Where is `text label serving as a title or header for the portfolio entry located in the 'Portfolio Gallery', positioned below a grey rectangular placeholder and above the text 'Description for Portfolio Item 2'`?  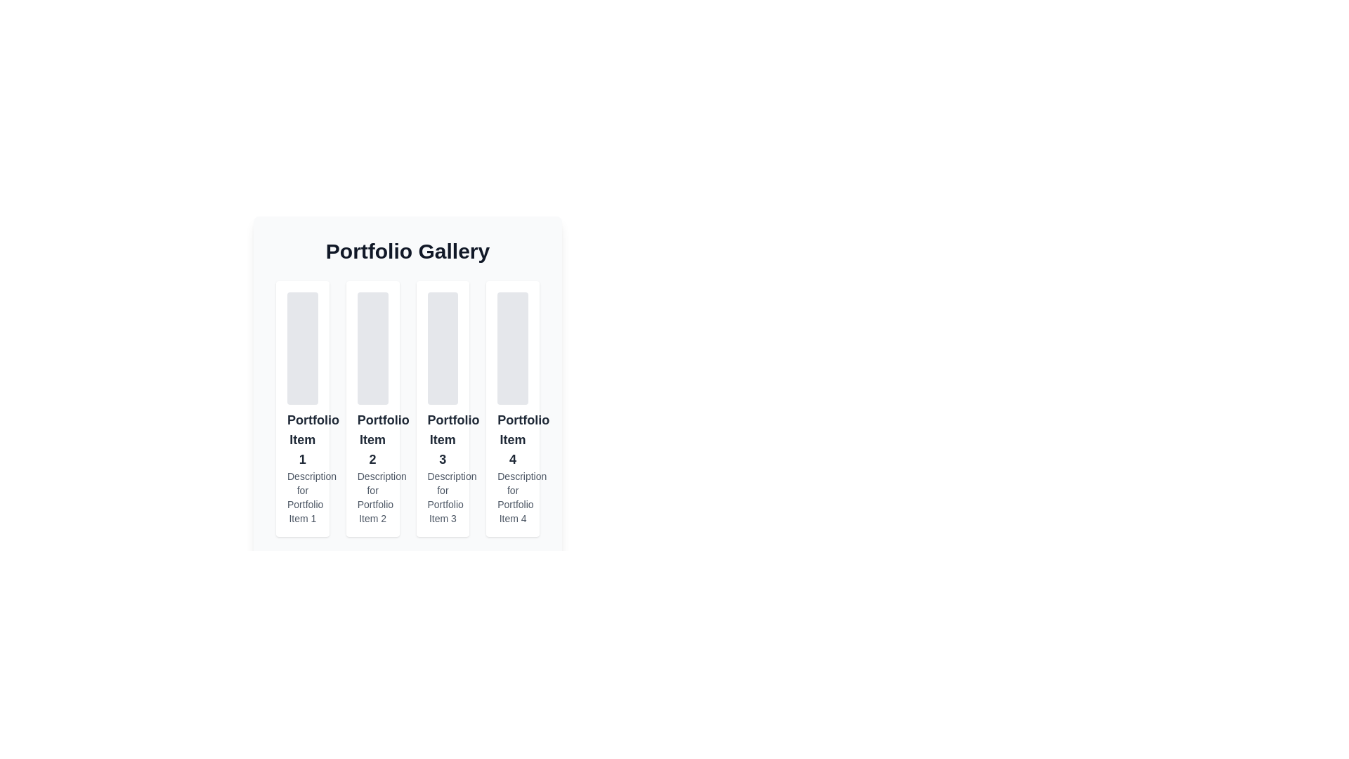 text label serving as a title or header for the portfolio entry located in the 'Portfolio Gallery', positioned below a grey rectangular placeholder and above the text 'Description for Portfolio Item 2' is located at coordinates (372, 439).